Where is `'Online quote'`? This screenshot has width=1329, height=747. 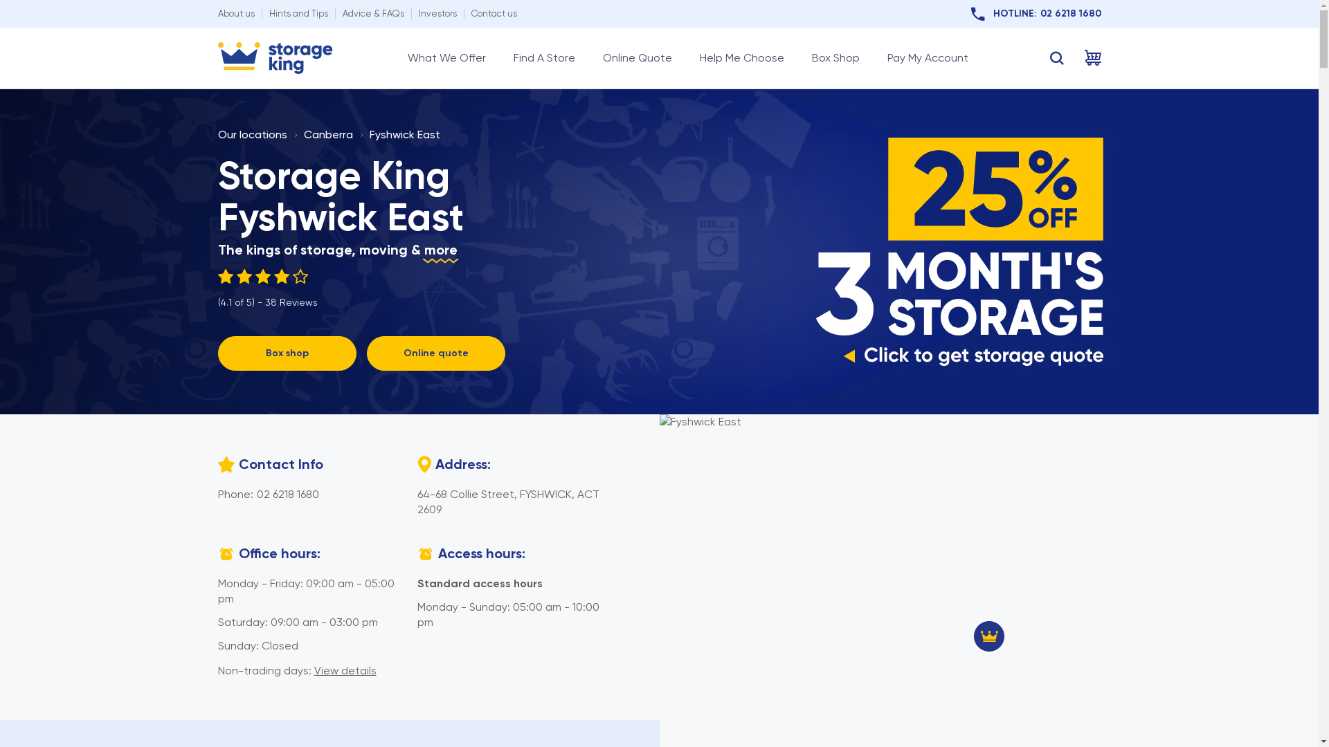
'Online quote' is located at coordinates (366, 352).